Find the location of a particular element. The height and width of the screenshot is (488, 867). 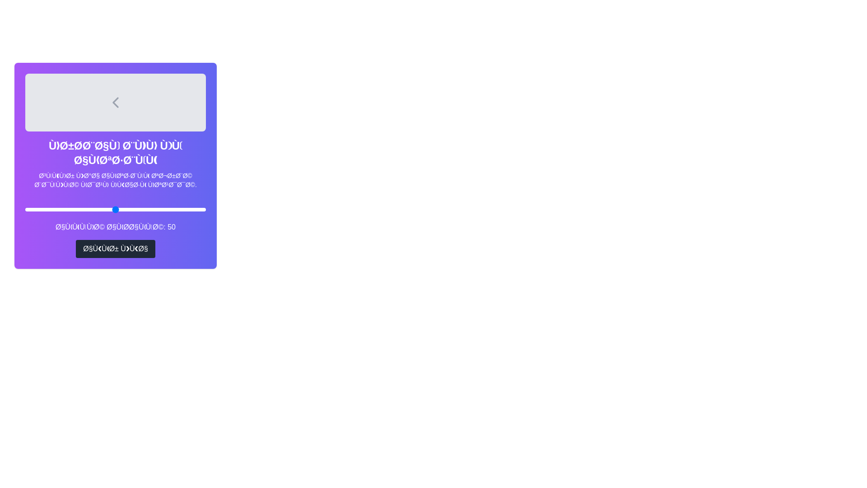

the rounded rectangle styled button with Arabic text, which has a dark gray background and is positioned at the bottom of the card layout is located at coordinates (115, 249).